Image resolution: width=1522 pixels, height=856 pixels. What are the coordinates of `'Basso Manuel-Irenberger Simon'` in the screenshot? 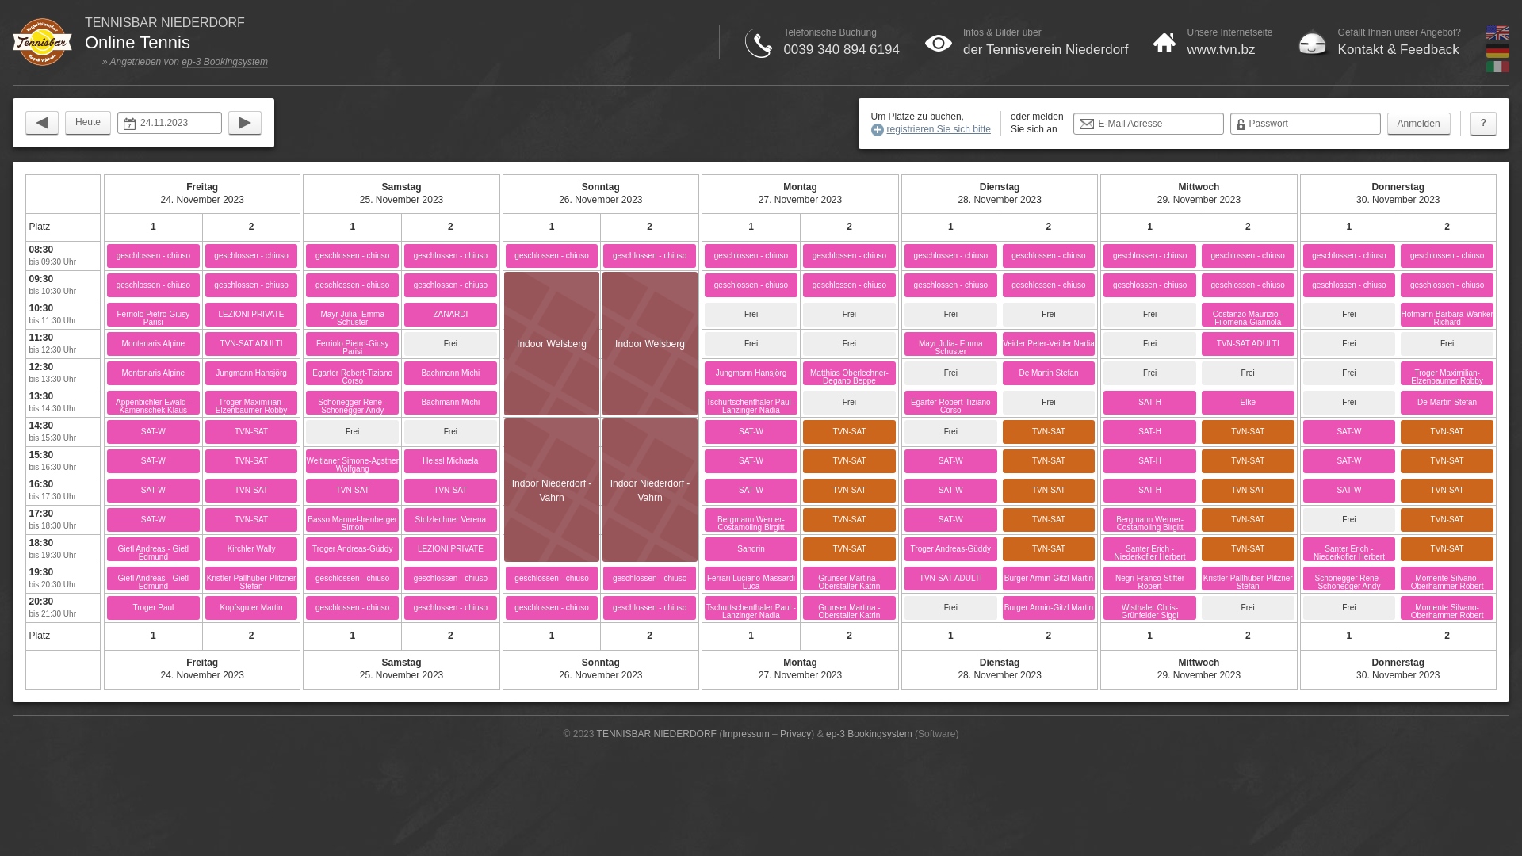 It's located at (351, 519).